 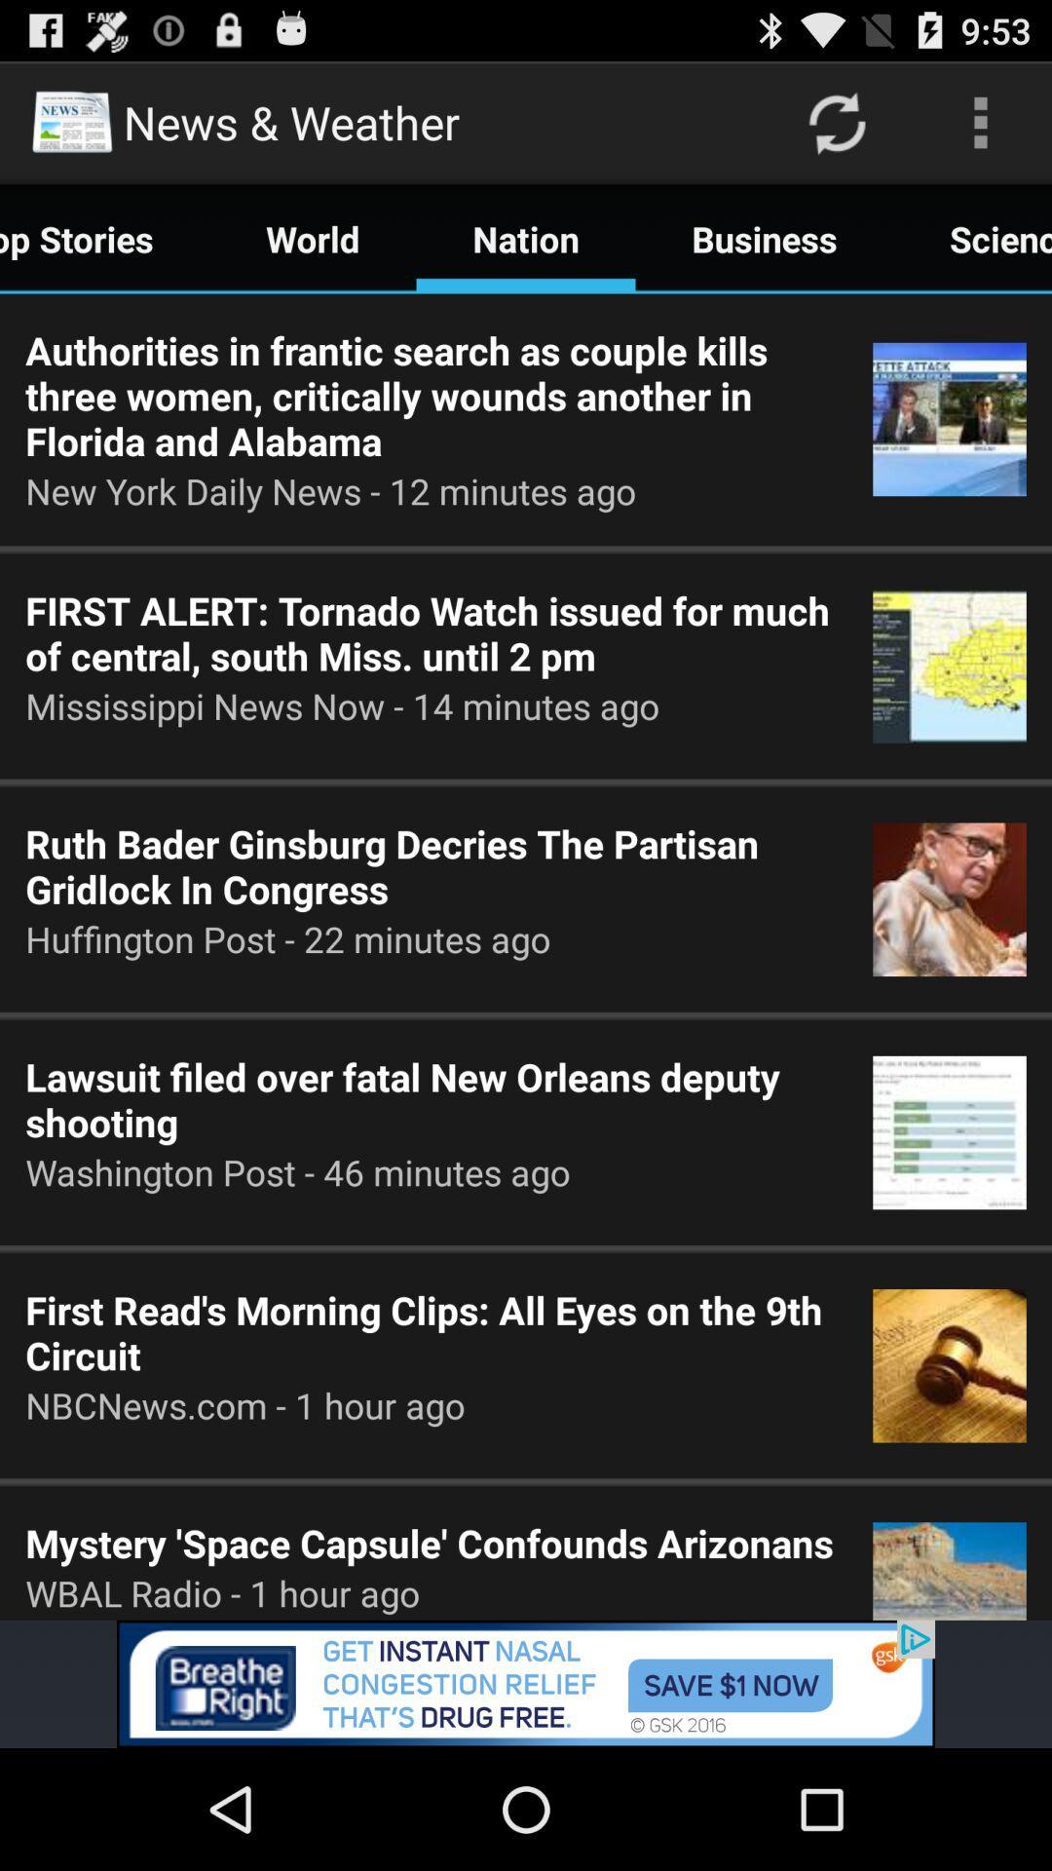 I want to click on the image right to the text mystery space capsule confounds arizonans, so click(x=949, y=1552).